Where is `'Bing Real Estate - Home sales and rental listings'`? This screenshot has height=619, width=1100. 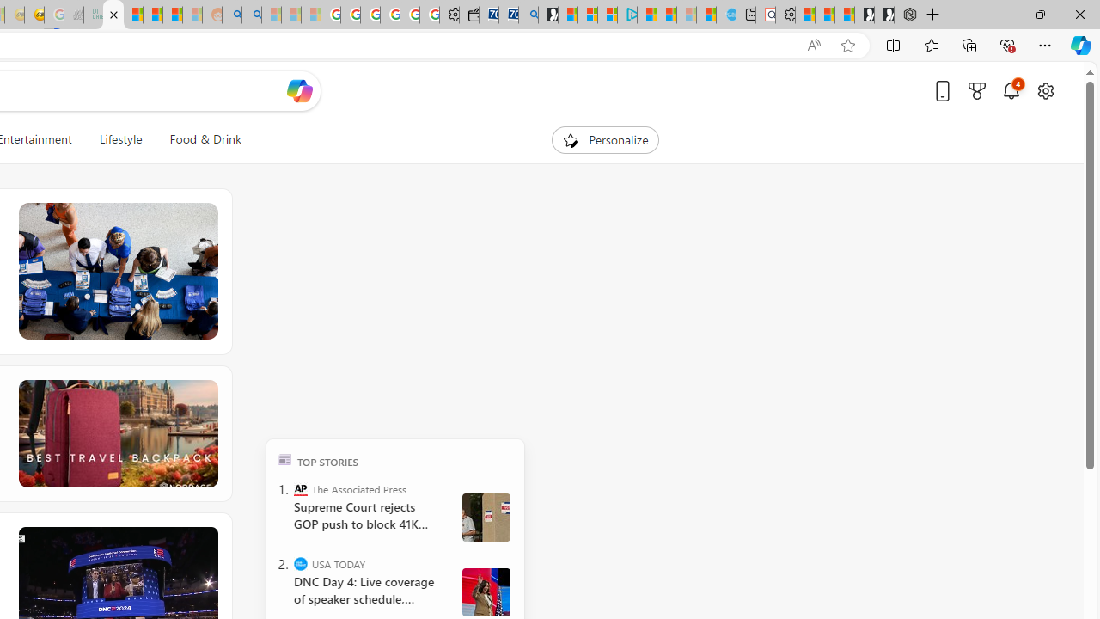 'Bing Real Estate - Home sales and rental listings' is located at coordinates (528, 15).